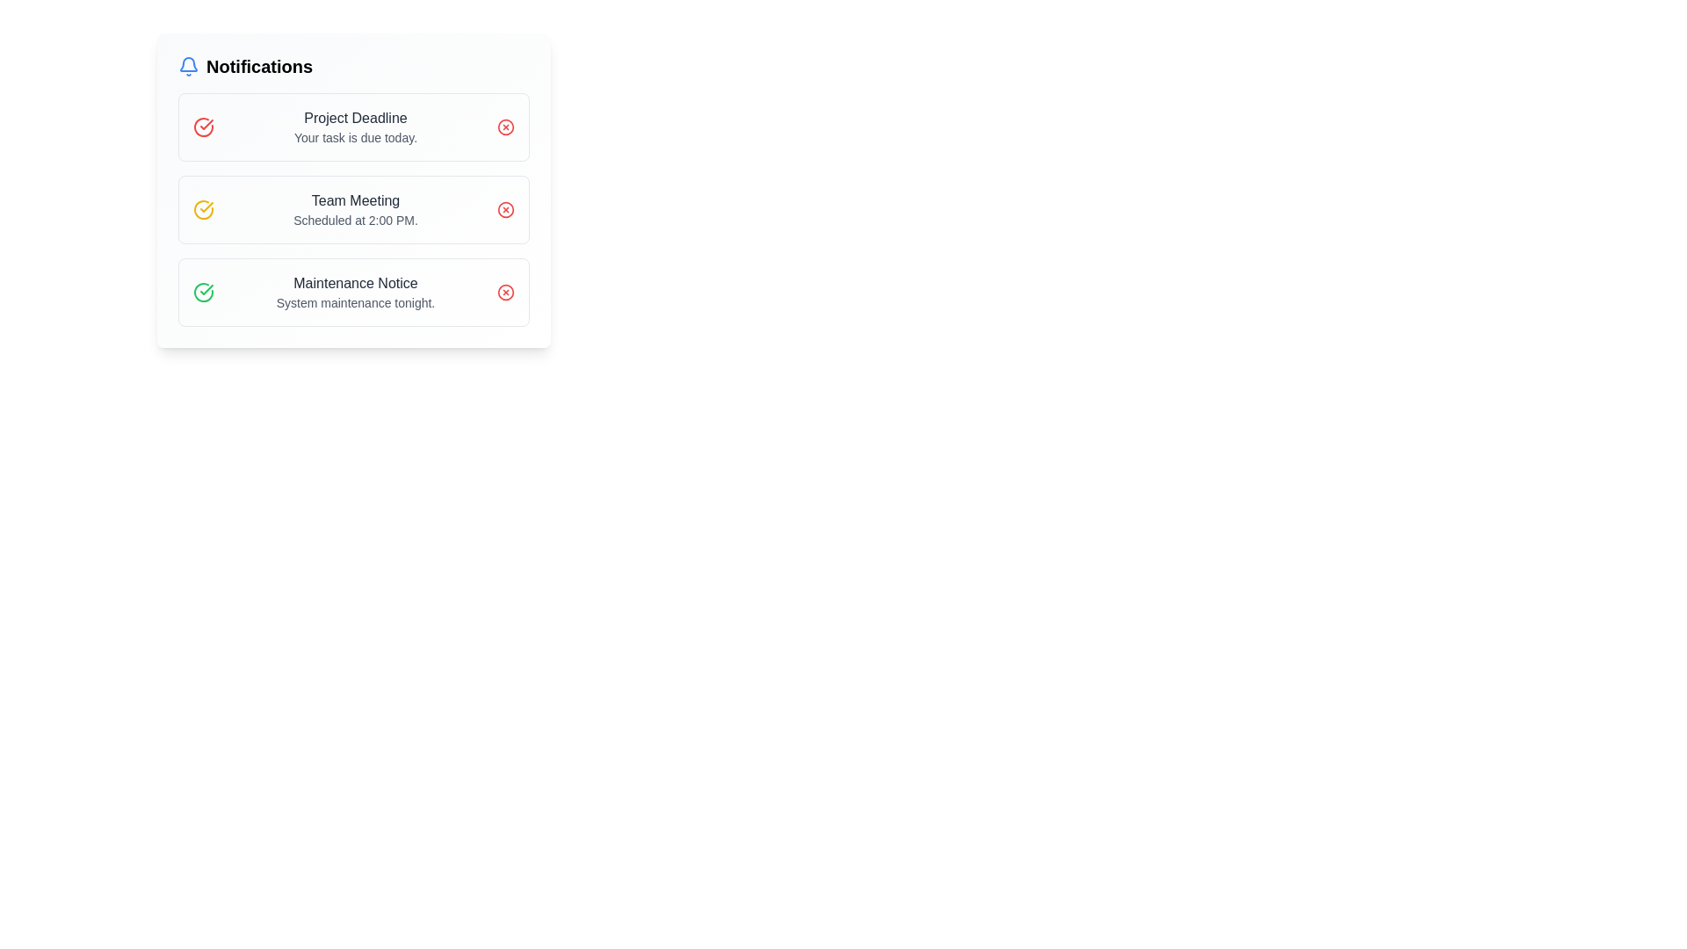 The image size is (1687, 949). Describe the element at coordinates (203, 127) in the screenshot. I see `the icon symbolizing a completed check for the 'Project Deadline' notification located in the top-left corner of the first notification block` at that location.